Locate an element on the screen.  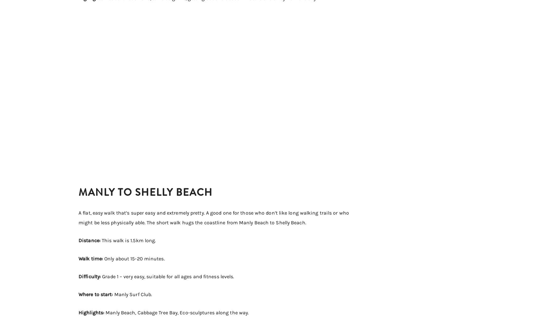
'Highlights:' is located at coordinates (92, 312).